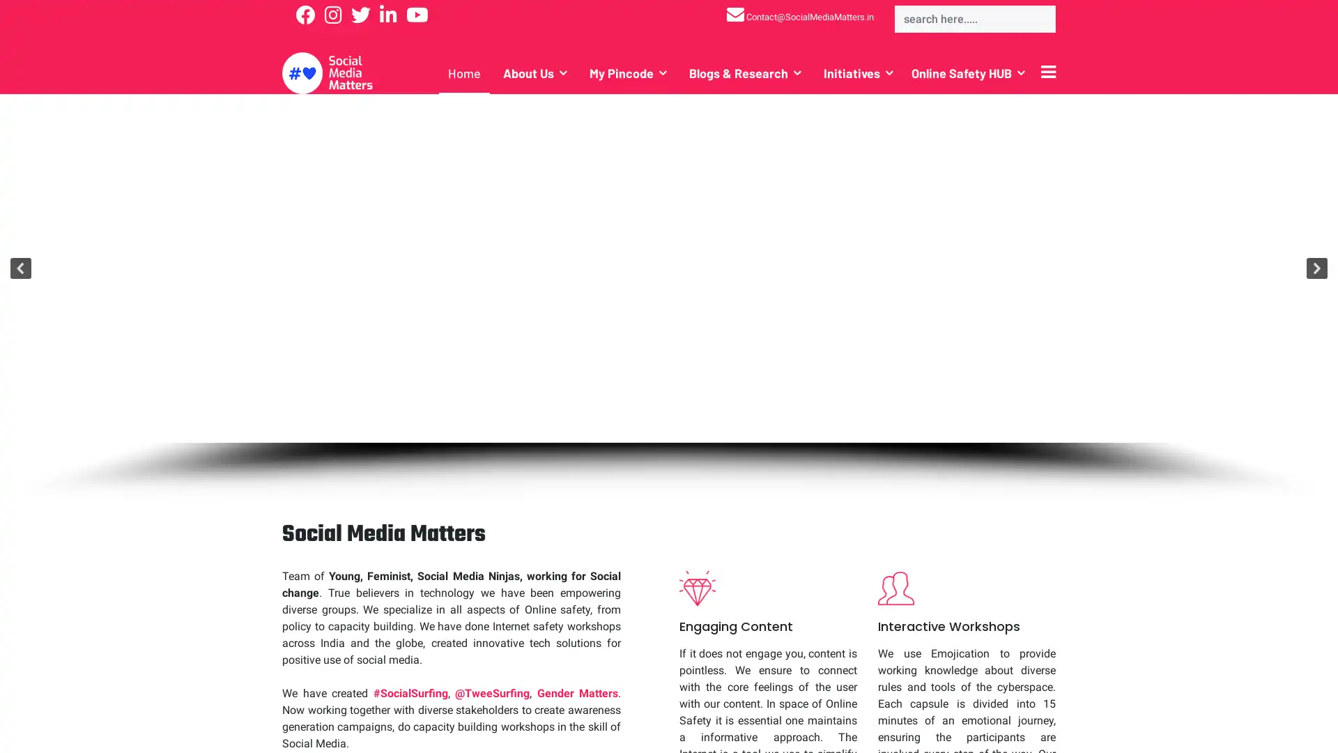  Describe the element at coordinates (637, 429) in the screenshot. I see `How India Deals With Online Abuse` at that location.